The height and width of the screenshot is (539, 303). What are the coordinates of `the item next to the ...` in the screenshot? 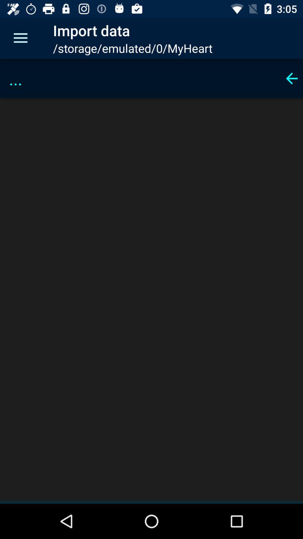 It's located at (291, 78).